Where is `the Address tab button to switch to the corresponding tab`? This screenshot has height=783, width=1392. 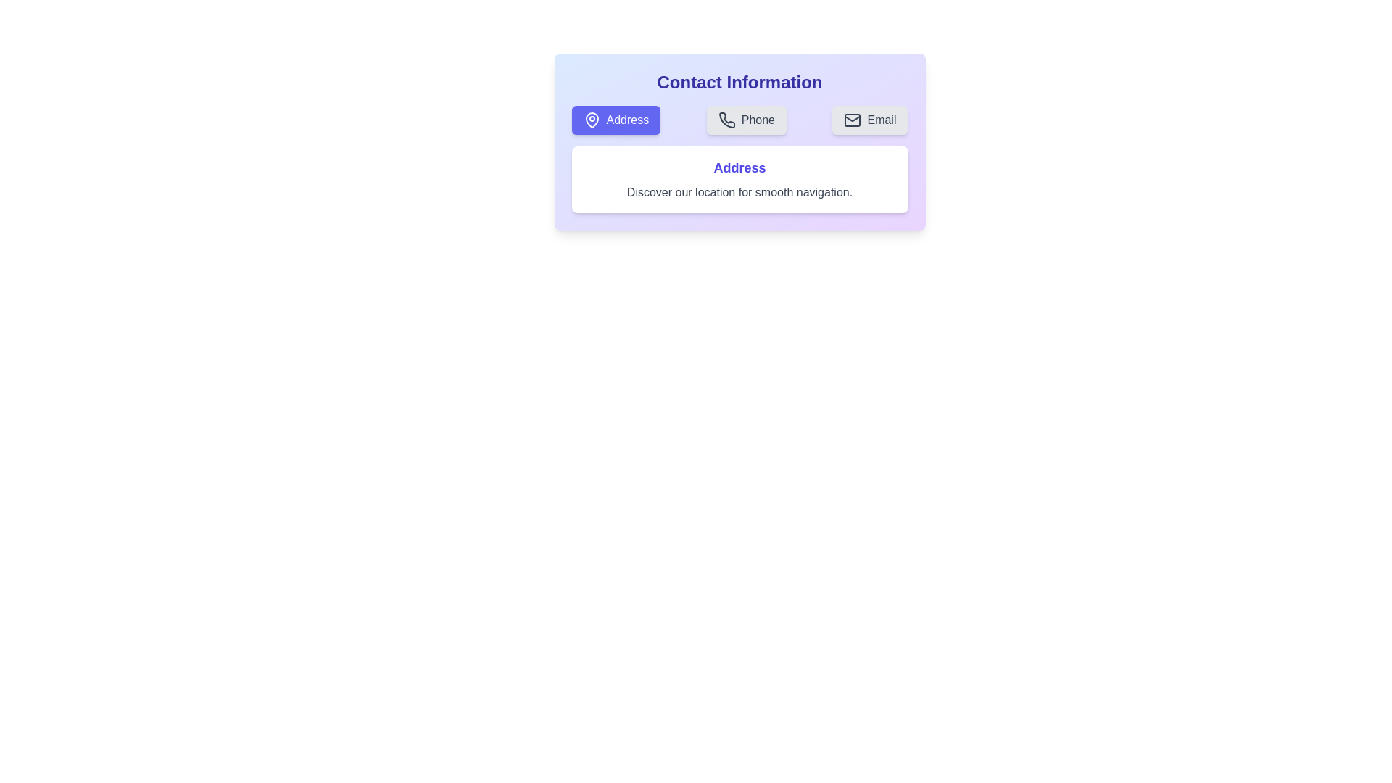
the Address tab button to switch to the corresponding tab is located at coordinates (616, 119).